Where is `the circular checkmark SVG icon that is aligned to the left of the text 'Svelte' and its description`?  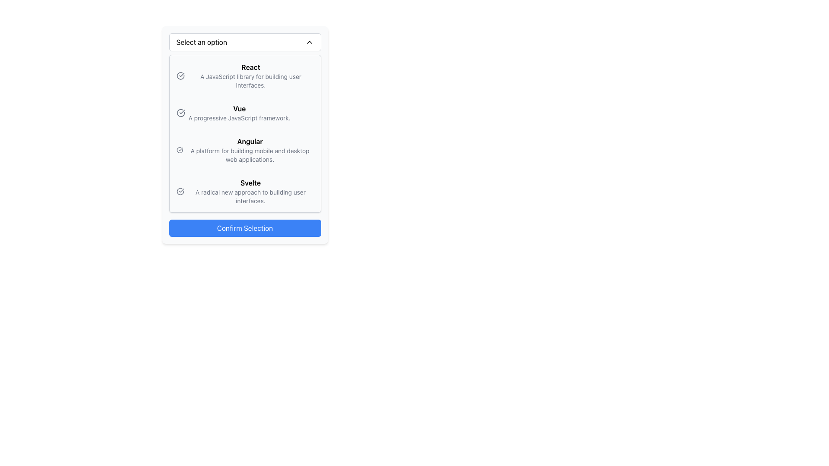 the circular checkmark SVG icon that is aligned to the left of the text 'Svelte' and its description is located at coordinates (180, 191).